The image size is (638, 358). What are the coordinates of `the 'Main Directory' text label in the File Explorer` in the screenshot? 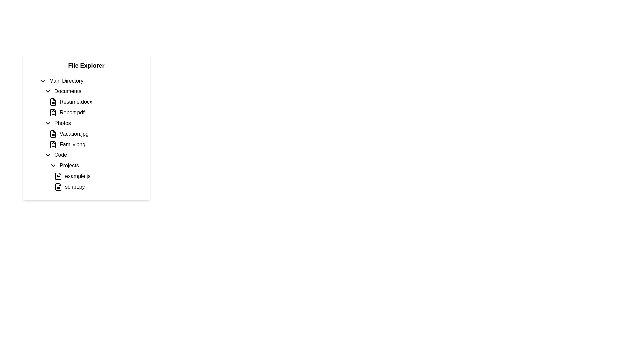 It's located at (66, 80).